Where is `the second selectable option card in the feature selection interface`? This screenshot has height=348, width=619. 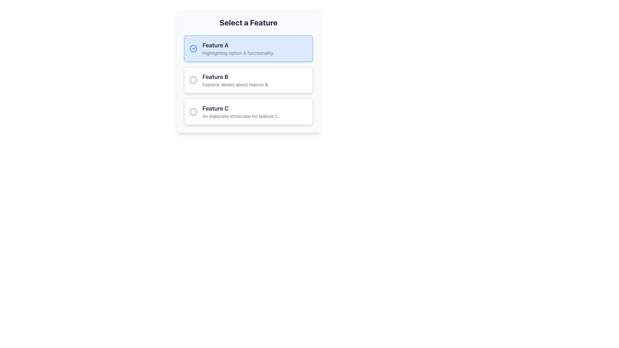 the second selectable option card in the feature selection interface is located at coordinates (248, 71).